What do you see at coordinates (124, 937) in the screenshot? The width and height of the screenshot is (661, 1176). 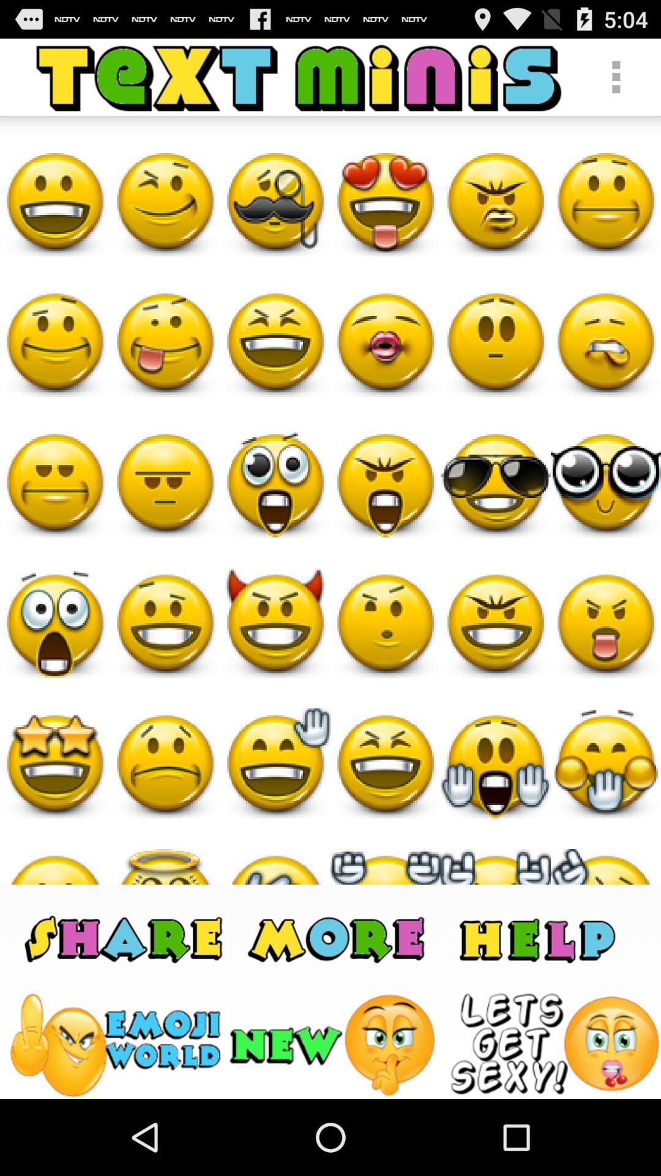 I see `share emojis` at bounding box center [124, 937].